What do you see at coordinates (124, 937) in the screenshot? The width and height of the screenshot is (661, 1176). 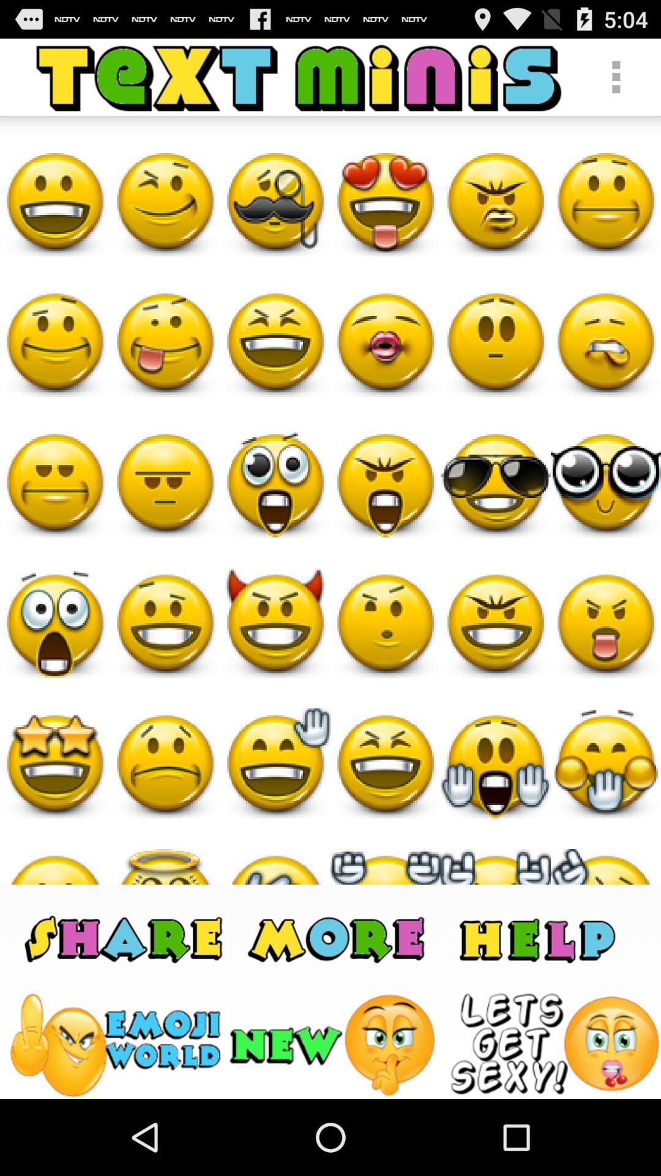 I see `share emojis` at bounding box center [124, 937].